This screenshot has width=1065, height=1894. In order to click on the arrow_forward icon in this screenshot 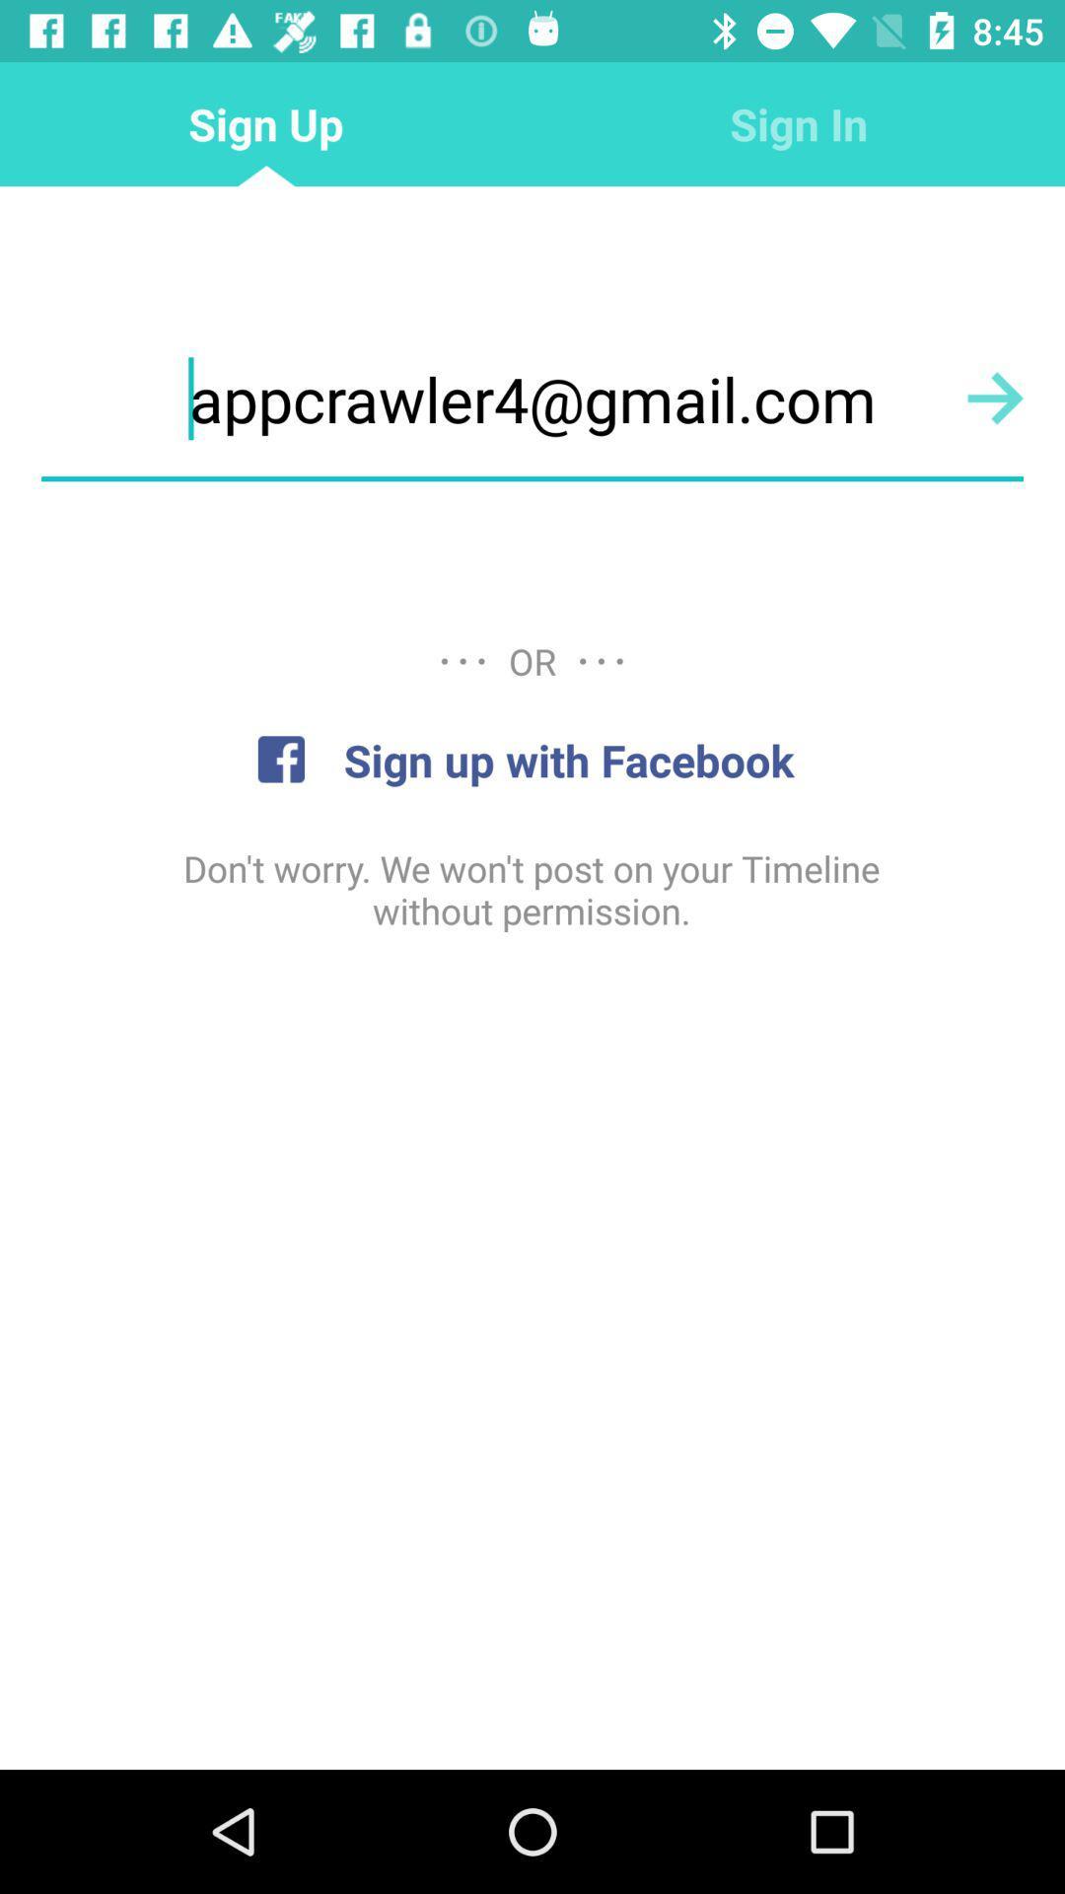, I will do `click(995, 397)`.